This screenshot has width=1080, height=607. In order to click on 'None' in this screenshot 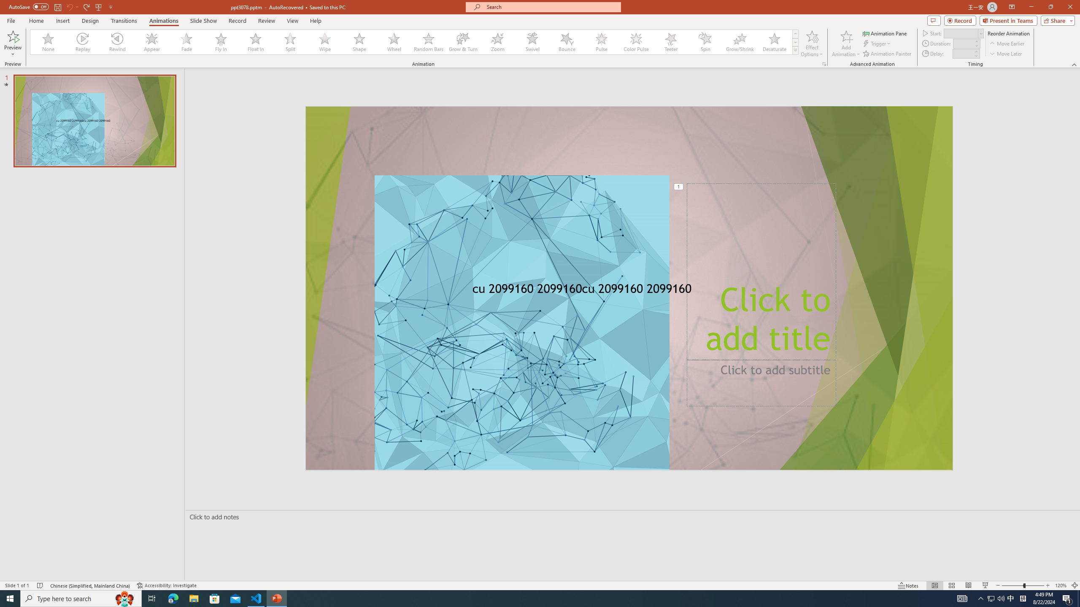, I will do `click(48, 42)`.